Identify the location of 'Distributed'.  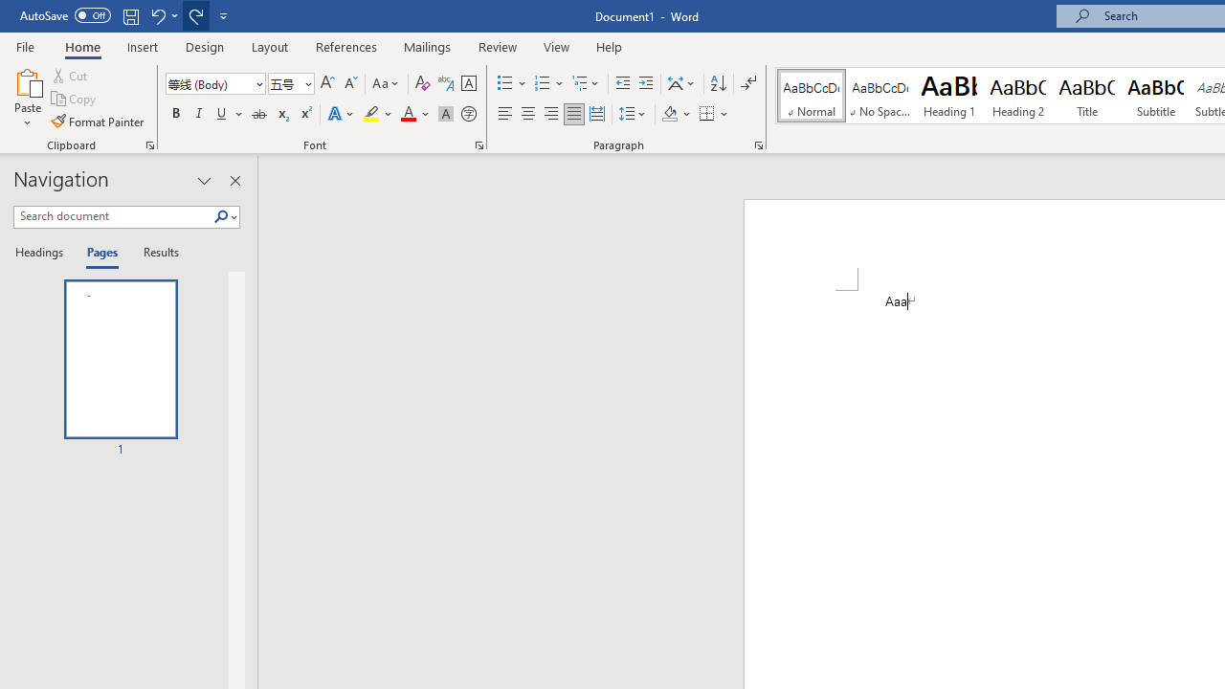
(596, 114).